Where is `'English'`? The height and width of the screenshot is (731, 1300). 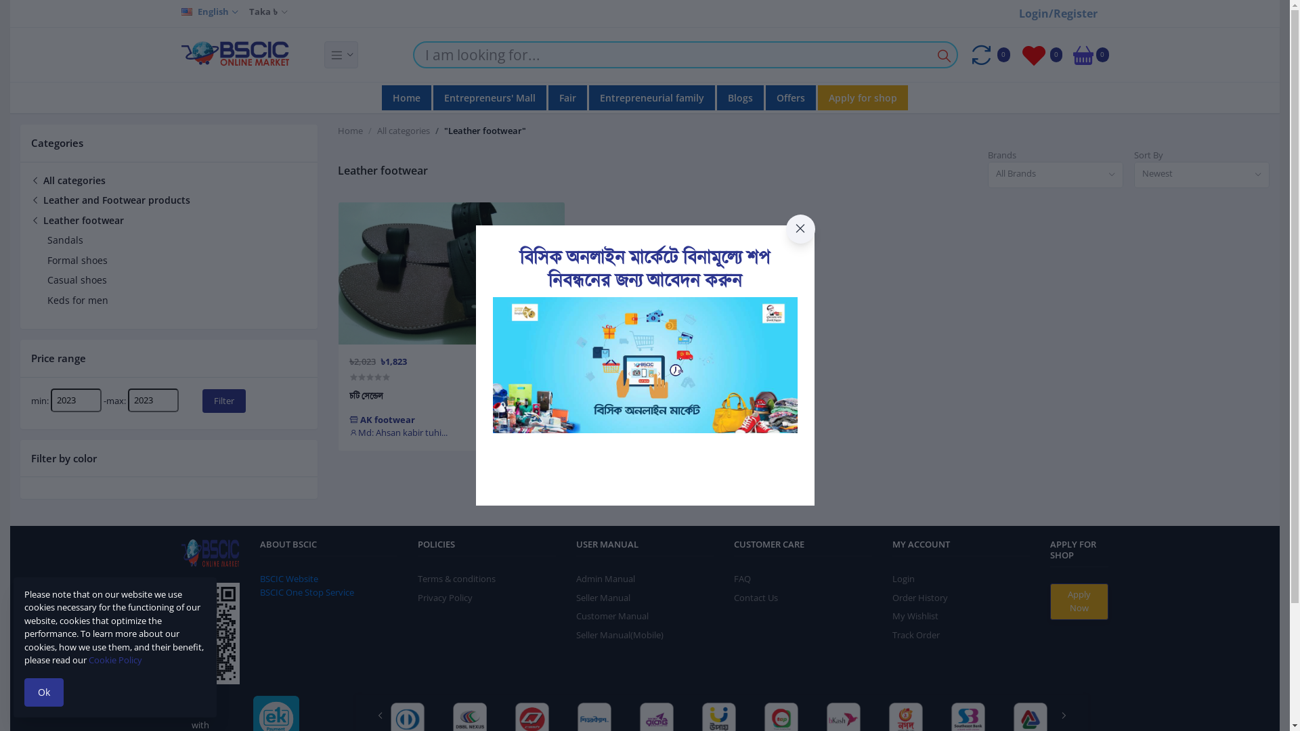
'English' is located at coordinates (209, 12).